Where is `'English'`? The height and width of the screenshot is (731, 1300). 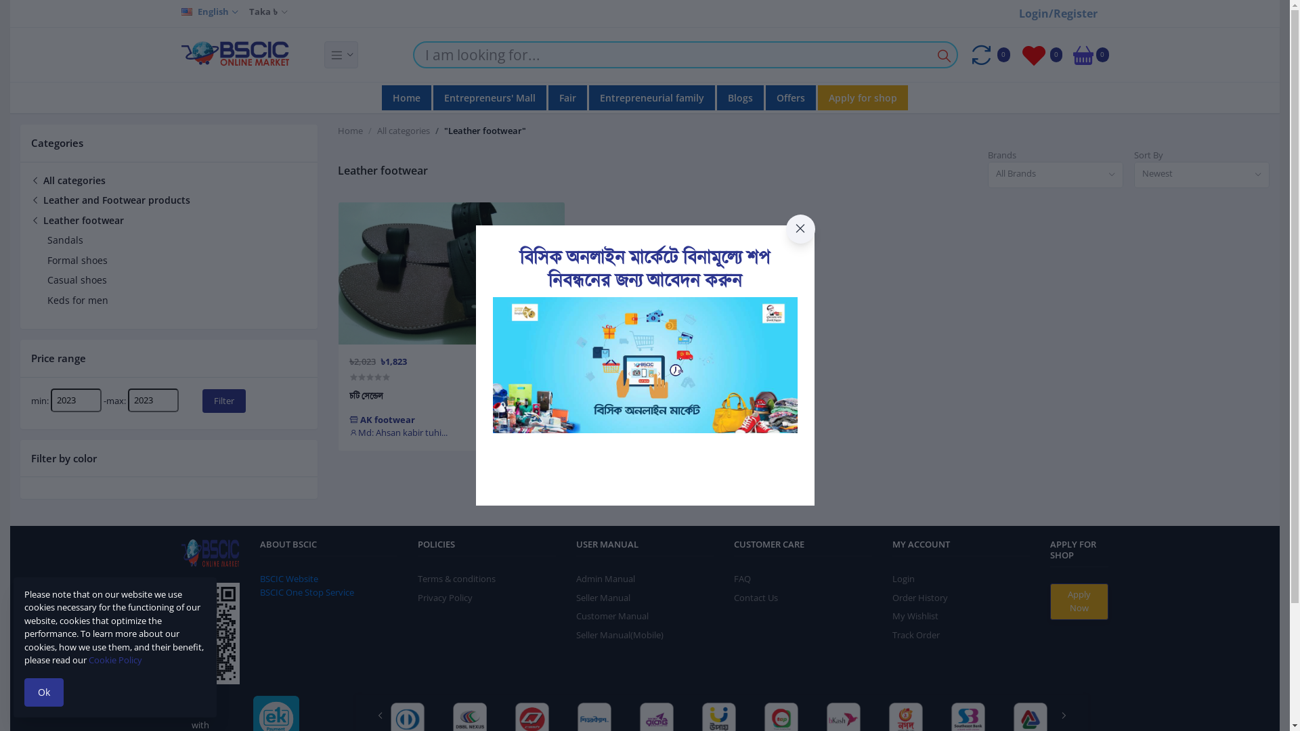
'English' is located at coordinates (209, 12).